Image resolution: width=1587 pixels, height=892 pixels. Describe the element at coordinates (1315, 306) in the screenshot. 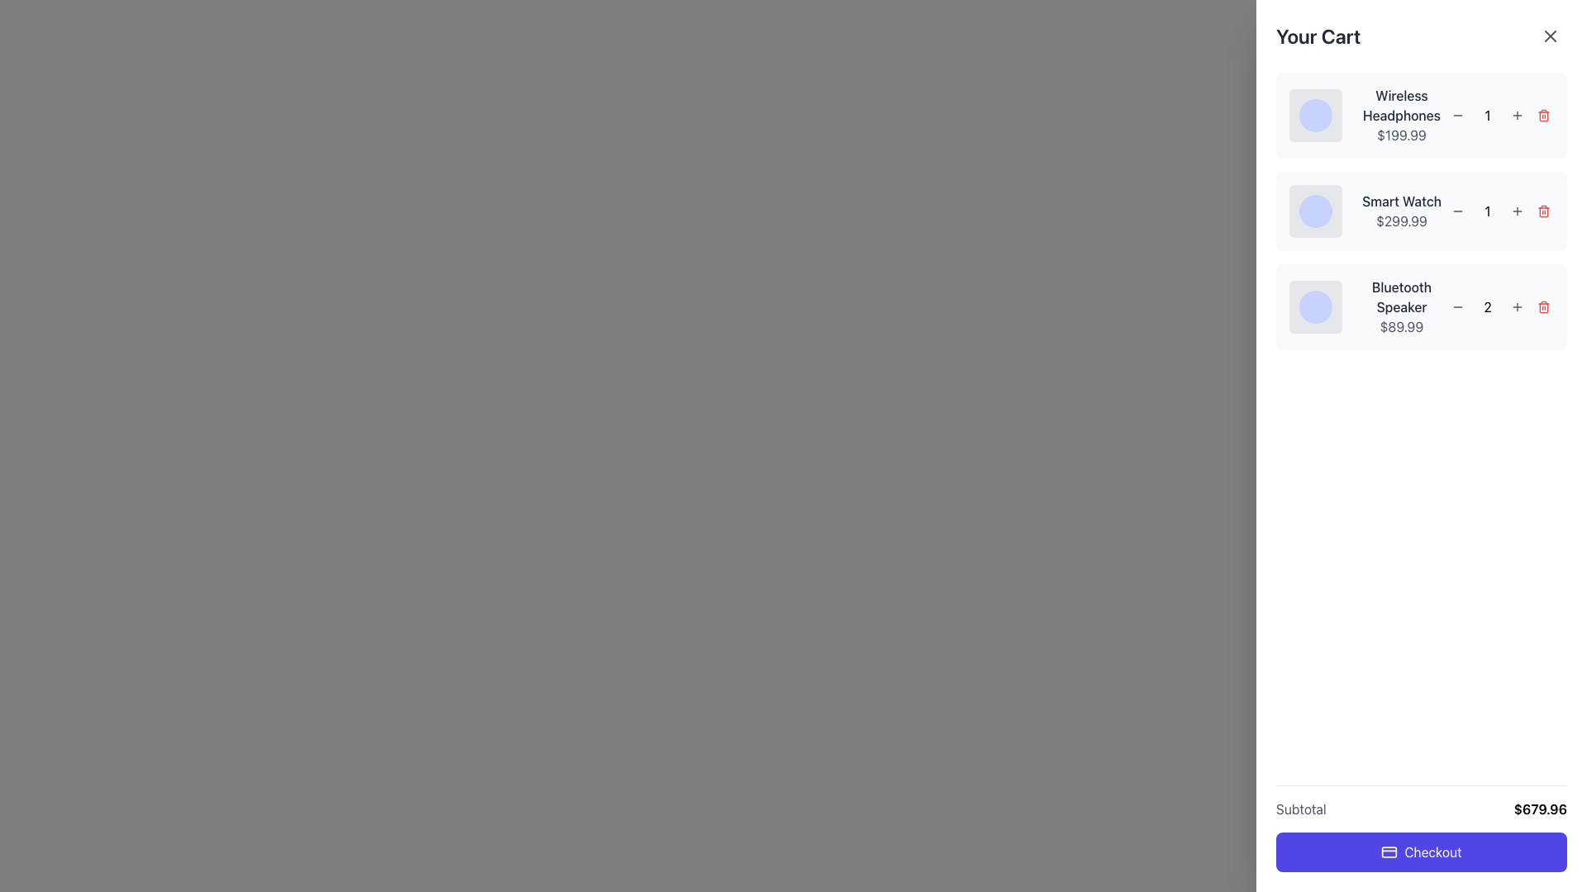

I see `the circular graphical component with a light blue fill located within the square element at the far left of the 'Bluetooth Speaker' item row in the shopping cart section` at that location.